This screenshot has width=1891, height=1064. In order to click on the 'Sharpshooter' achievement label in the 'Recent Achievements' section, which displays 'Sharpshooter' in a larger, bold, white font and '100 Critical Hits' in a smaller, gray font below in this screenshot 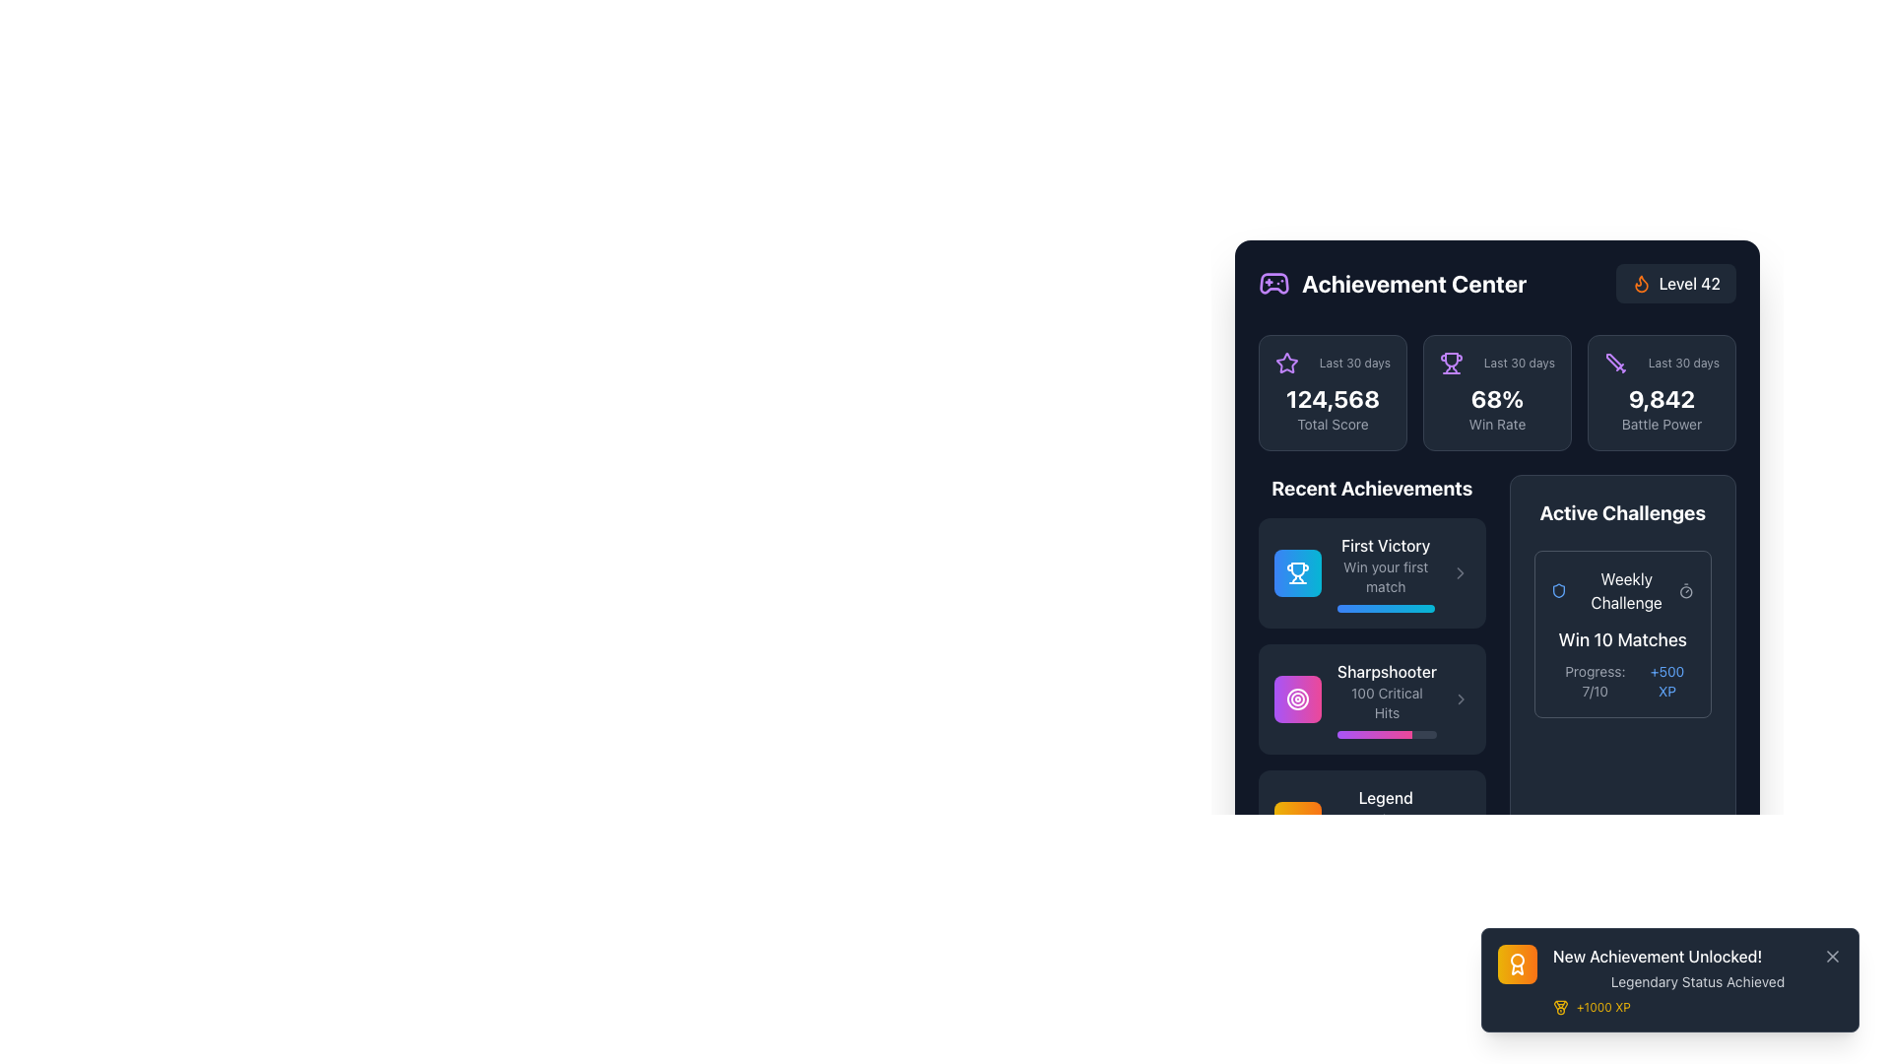, I will do `click(1386, 698)`.